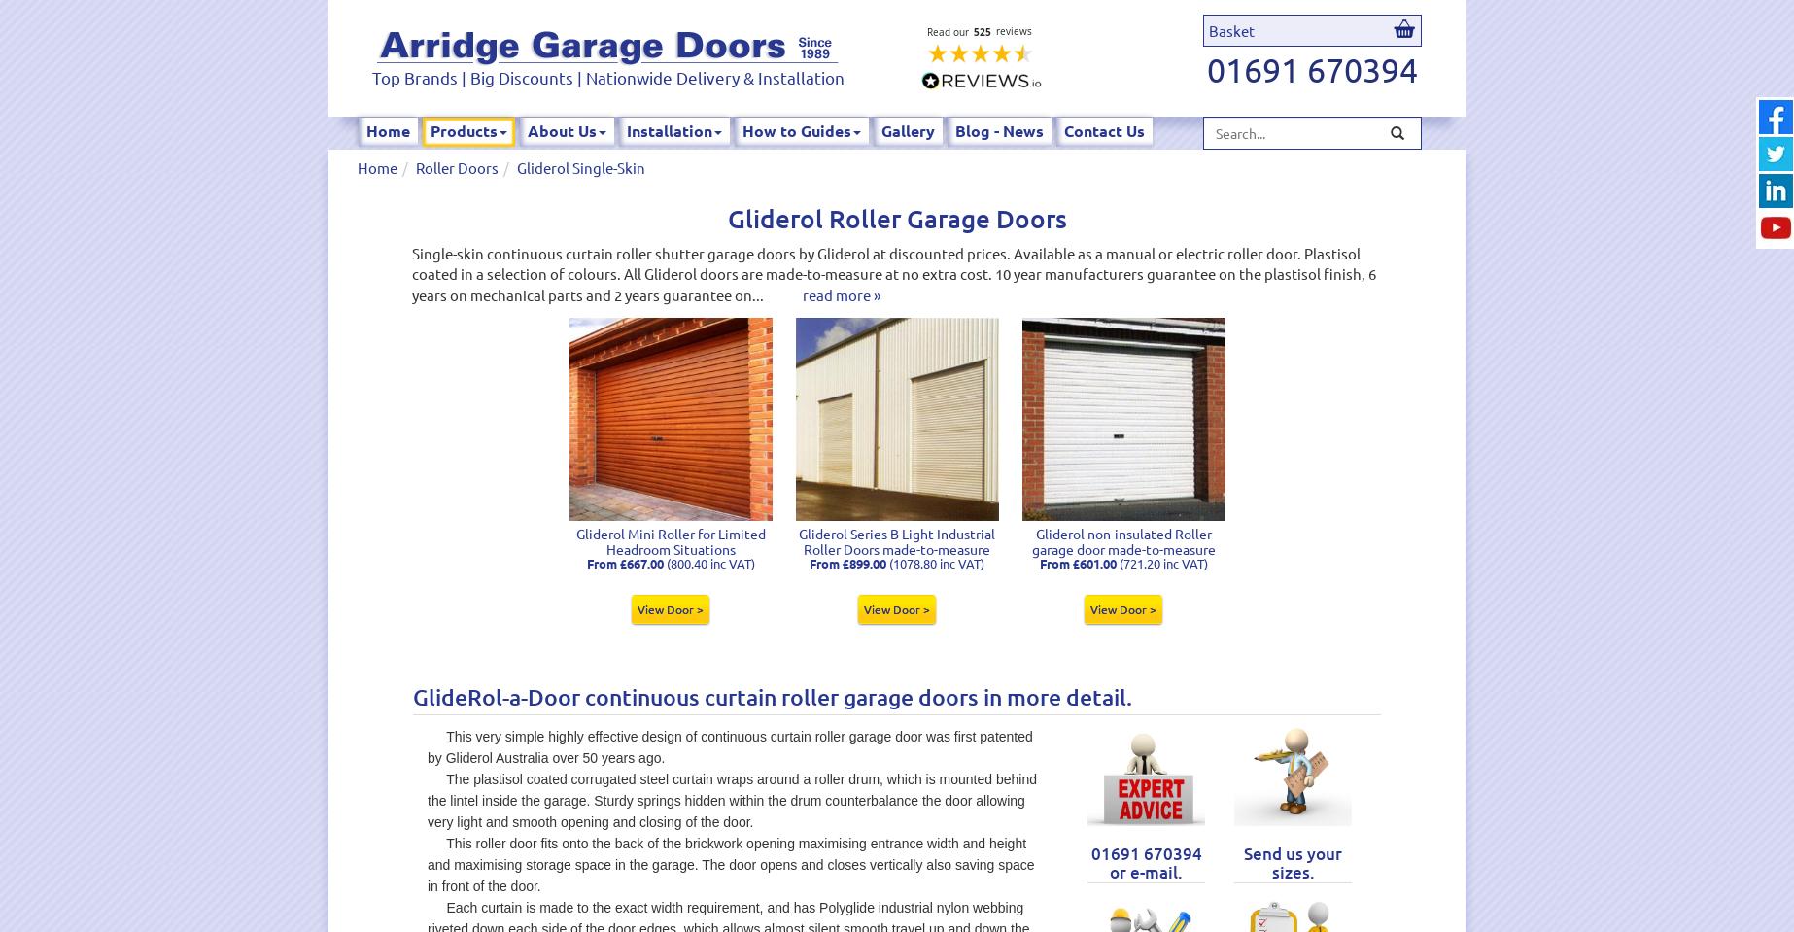  I want to click on 'Products', so click(463, 130).